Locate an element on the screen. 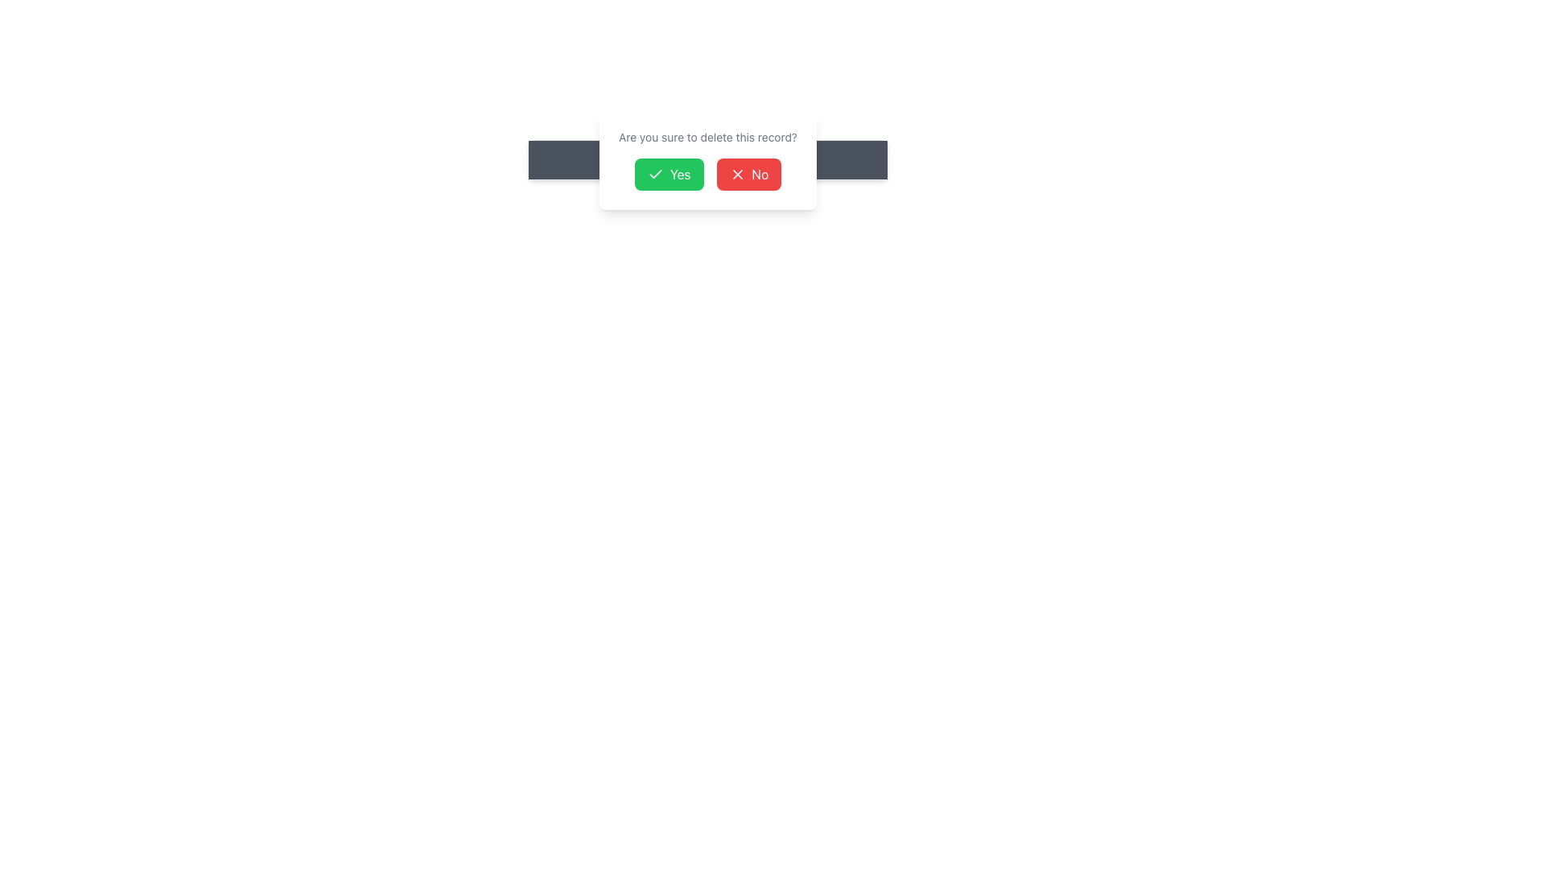 This screenshot has width=1545, height=869. the 'X' icon inside the 'No' button, which is a small SVG icon located to the left of the text 'No' in a red rectangular button with rounded corners is located at coordinates (736, 174).